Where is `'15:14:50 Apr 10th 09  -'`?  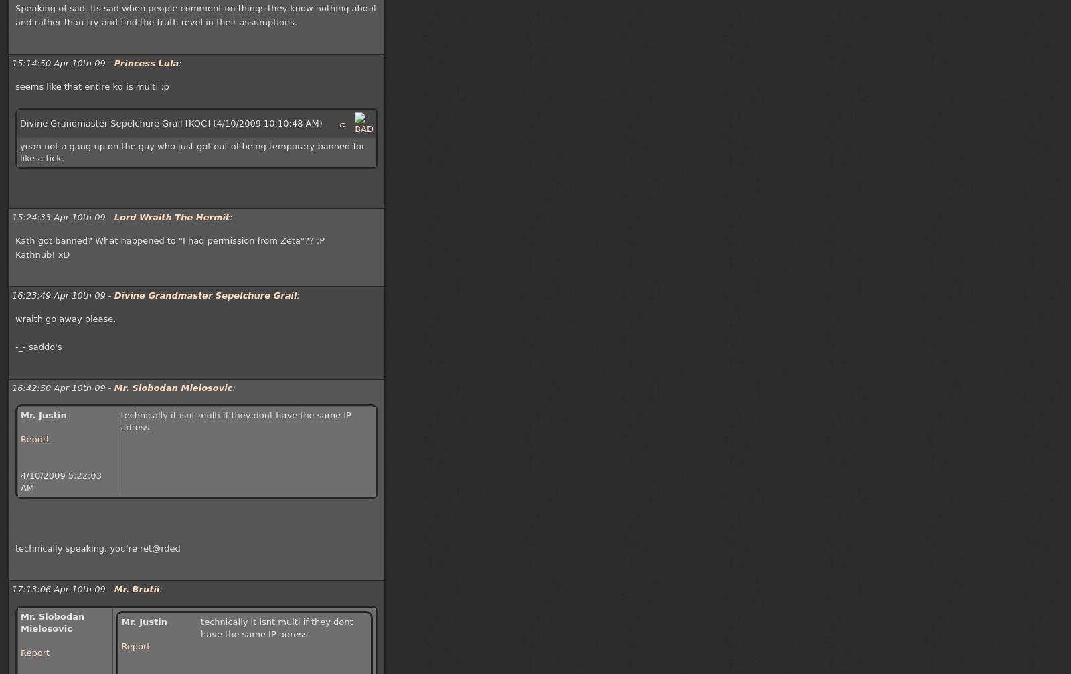
'15:14:50 Apr 10th 09  -' is located at coordinates (62, 63).